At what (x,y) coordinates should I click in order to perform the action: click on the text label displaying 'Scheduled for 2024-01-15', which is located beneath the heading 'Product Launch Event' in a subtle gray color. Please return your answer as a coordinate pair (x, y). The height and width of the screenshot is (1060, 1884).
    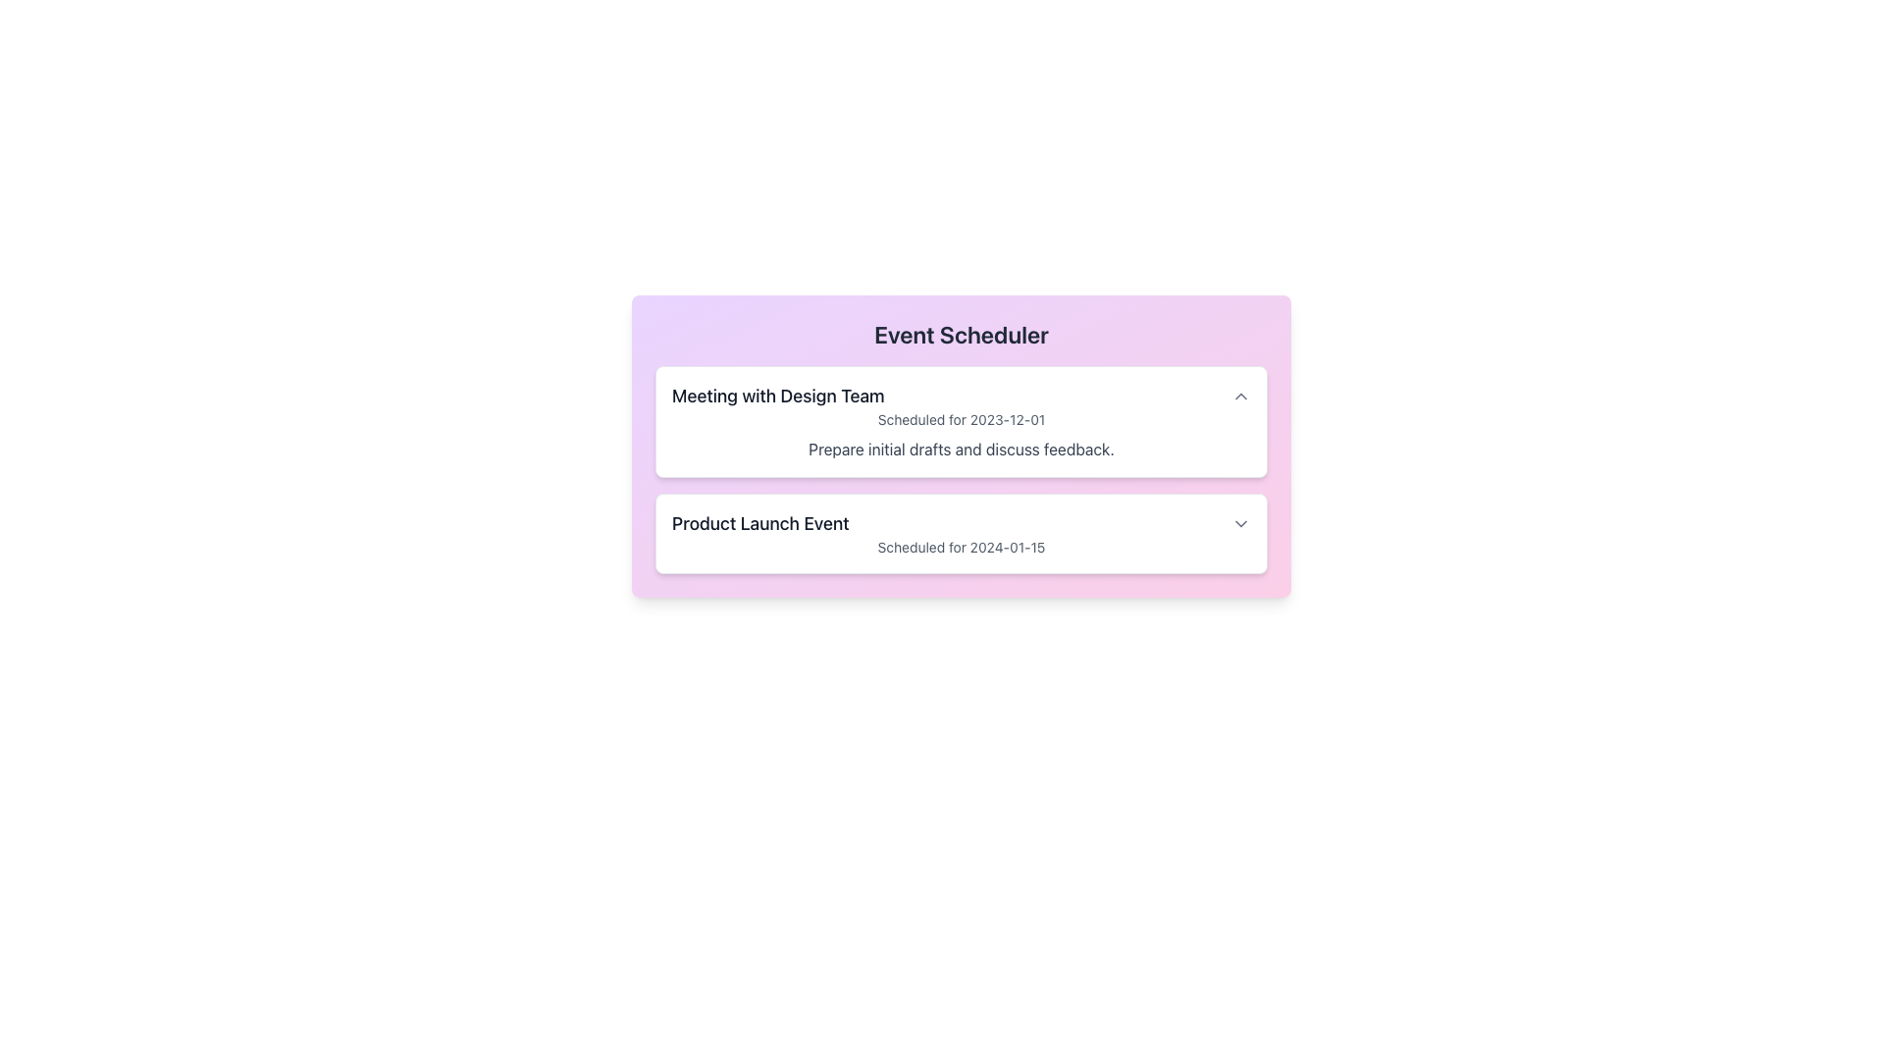
    Looking at the image, I should click on (961, 548).